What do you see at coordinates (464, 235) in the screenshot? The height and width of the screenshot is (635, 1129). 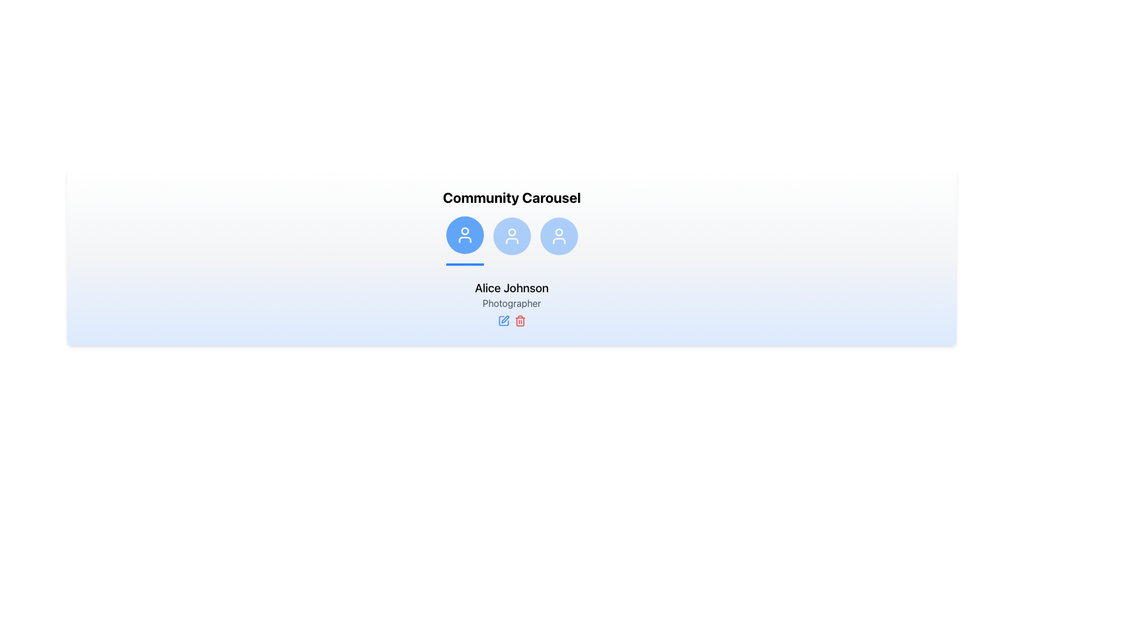 I see `the Interactive Profile Icon, which is a large circular icon with a blue background and a white user silhouette, located first in the horizontal group under 'Community Carousel'` at bounding box center [464, 235].